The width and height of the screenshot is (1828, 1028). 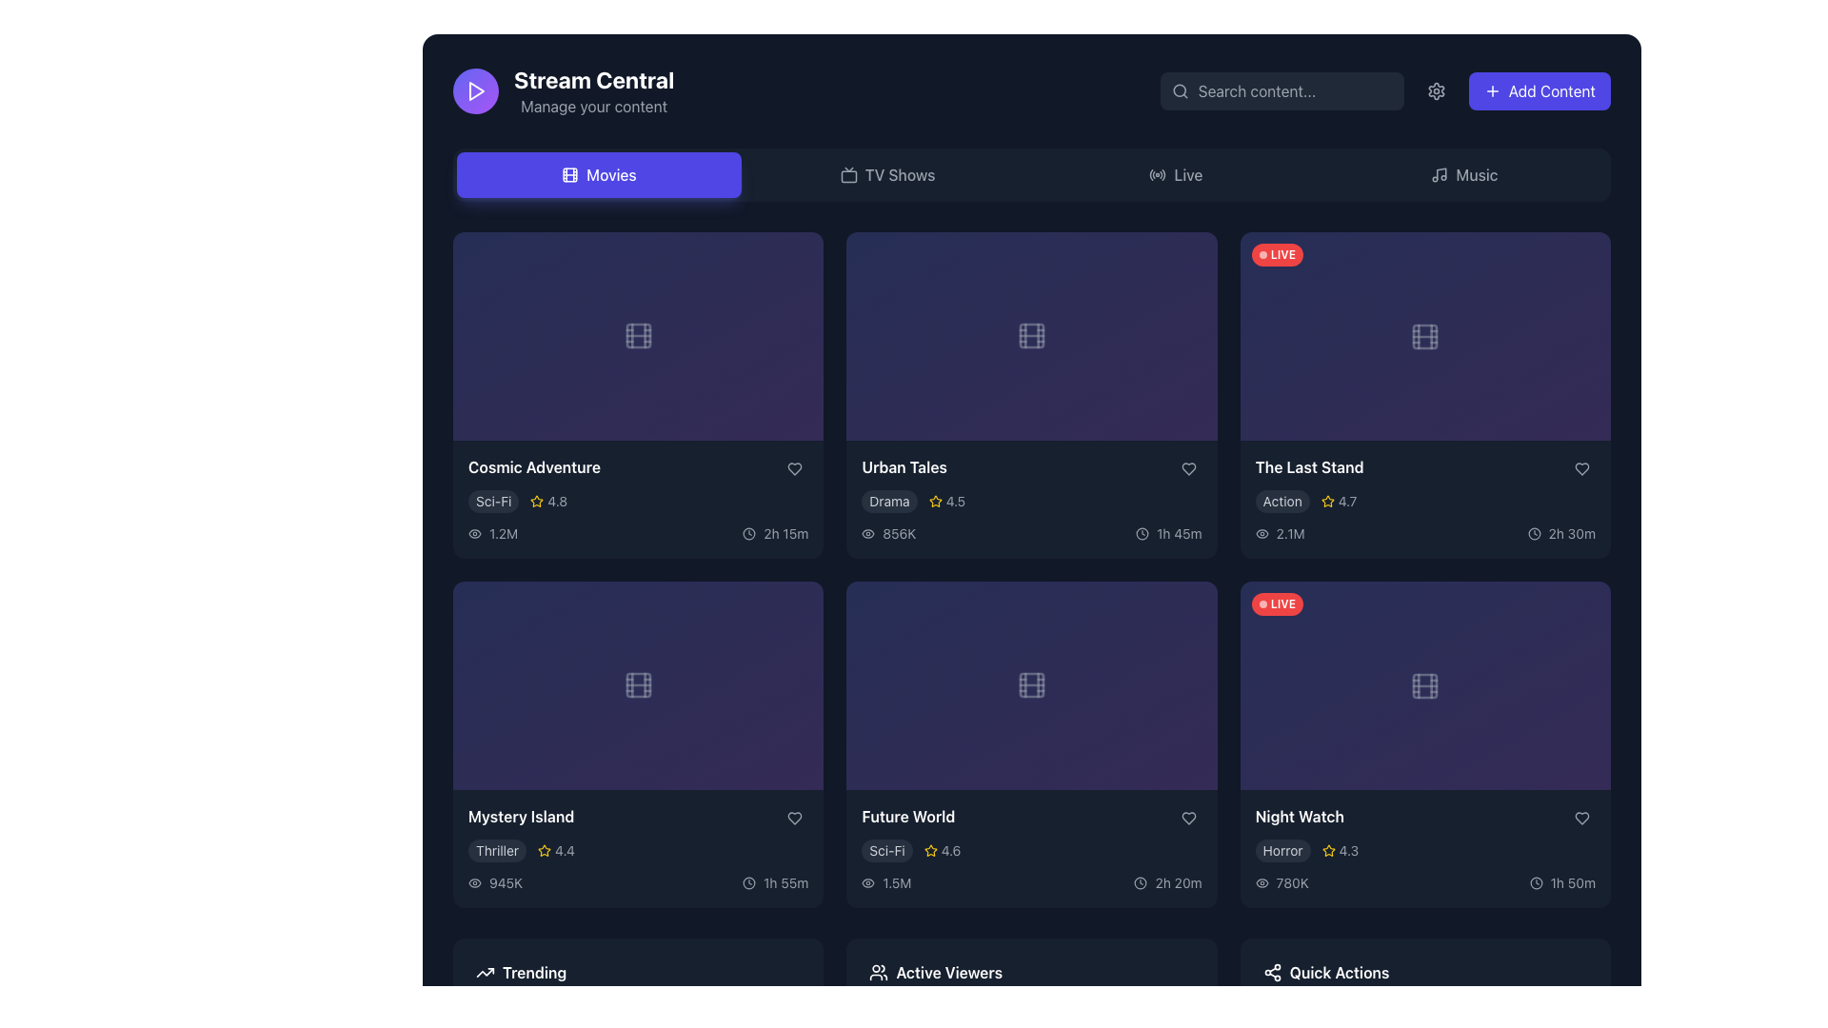 What do you see at coordinates (1187, 469) in the screenshot?
I see `the heart-shaped icon button located in the bottom-right area of the 'Urban Tales' card` at bounding box center [1187, 469].